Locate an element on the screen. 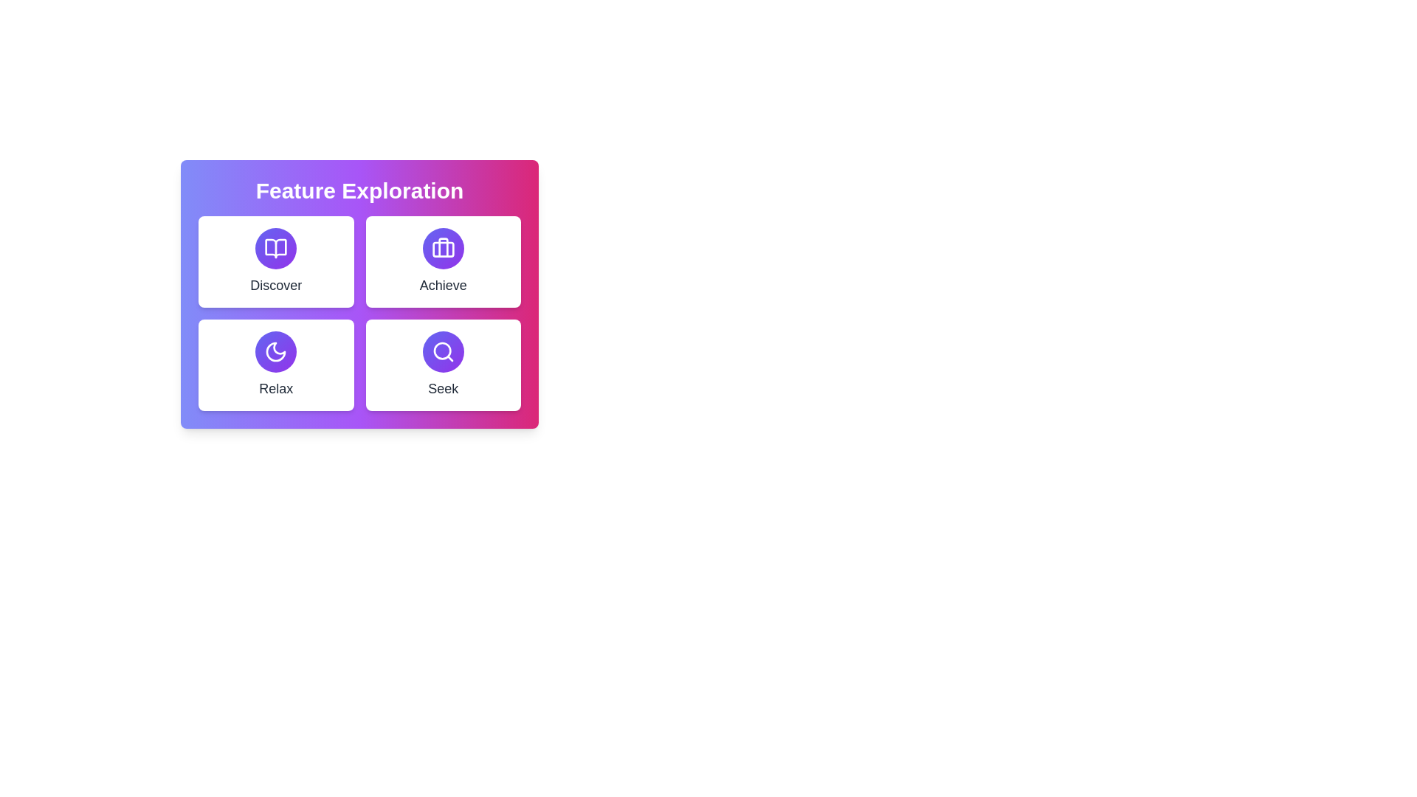 This screenshot has width=1417, height=797. the circular icon representing the 'Achieve' feature located in the top-right quadrant of the grid under the 'Feature Exploration' header is located at coordinates (442, 247).